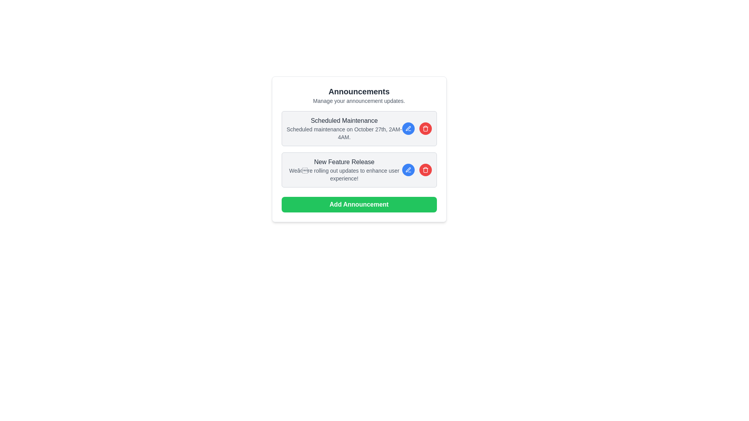 This screenshot has height=421, width=749. What do you see at coordinates (425, 129) in the screenshot?
I see `the trash can icon element, which represents deletion actions, located centrally below the lid outline and above the base elements` at bounding box center [425, 129].